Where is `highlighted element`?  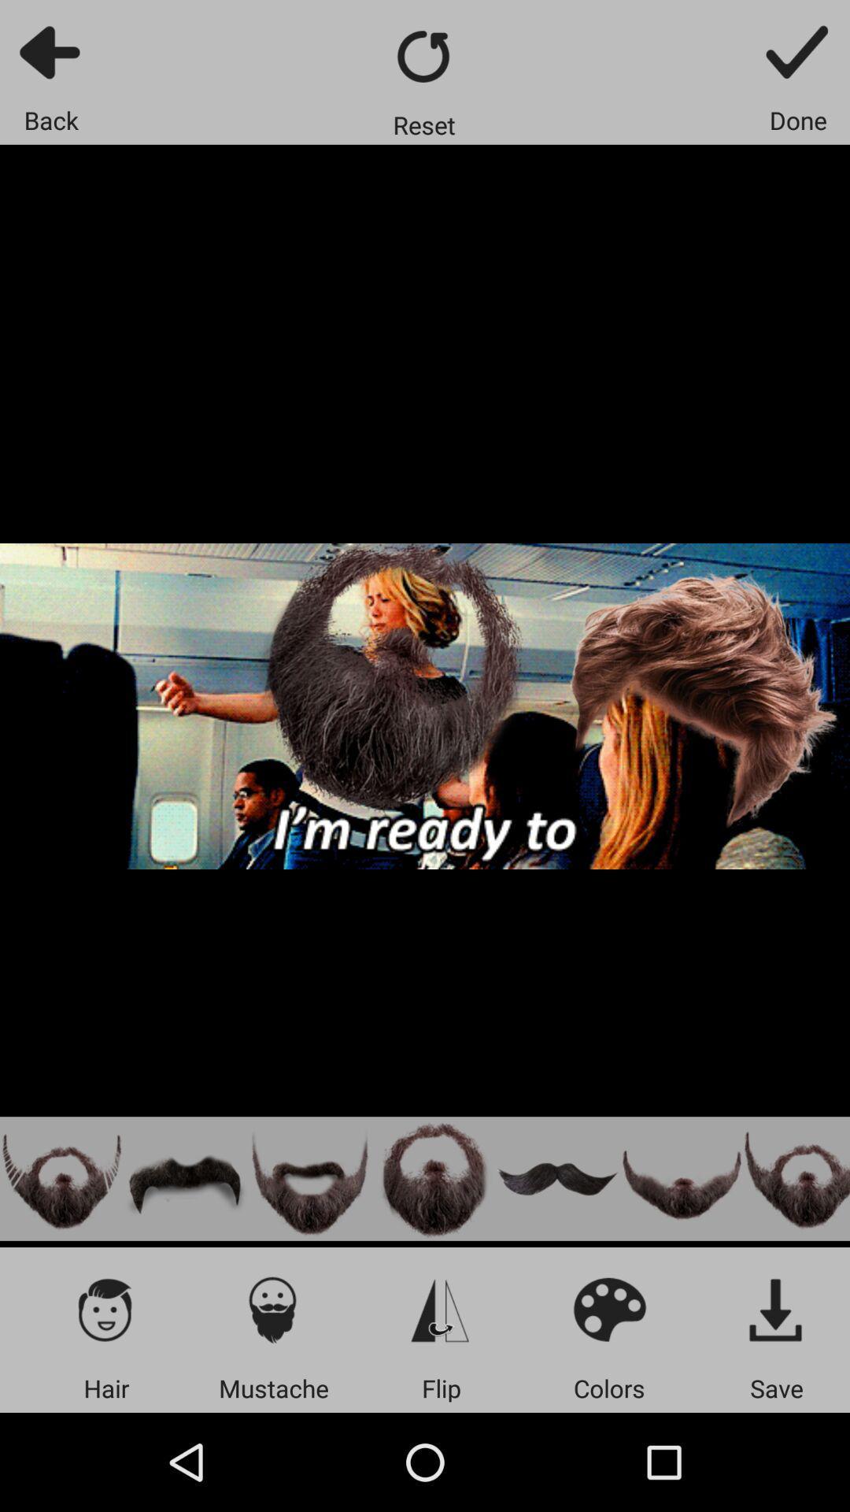 highlighted element is located at coordinates (61, 1179).